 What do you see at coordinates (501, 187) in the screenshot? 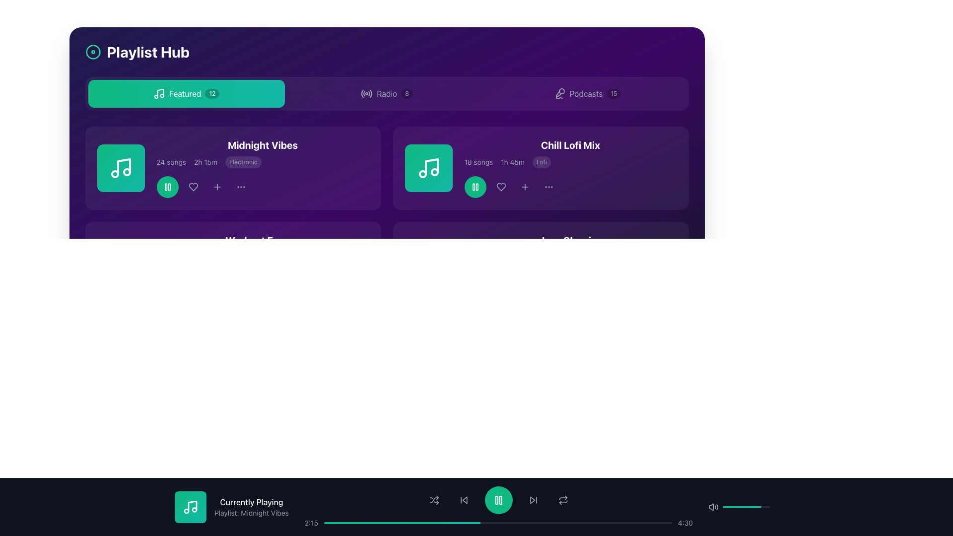
I see `the like icon located beneath the 'Chill Lofi Mix' playlist card, which is the second icon in the horizontal list, to express preference for the playlist` at bounding box center [501, 187].